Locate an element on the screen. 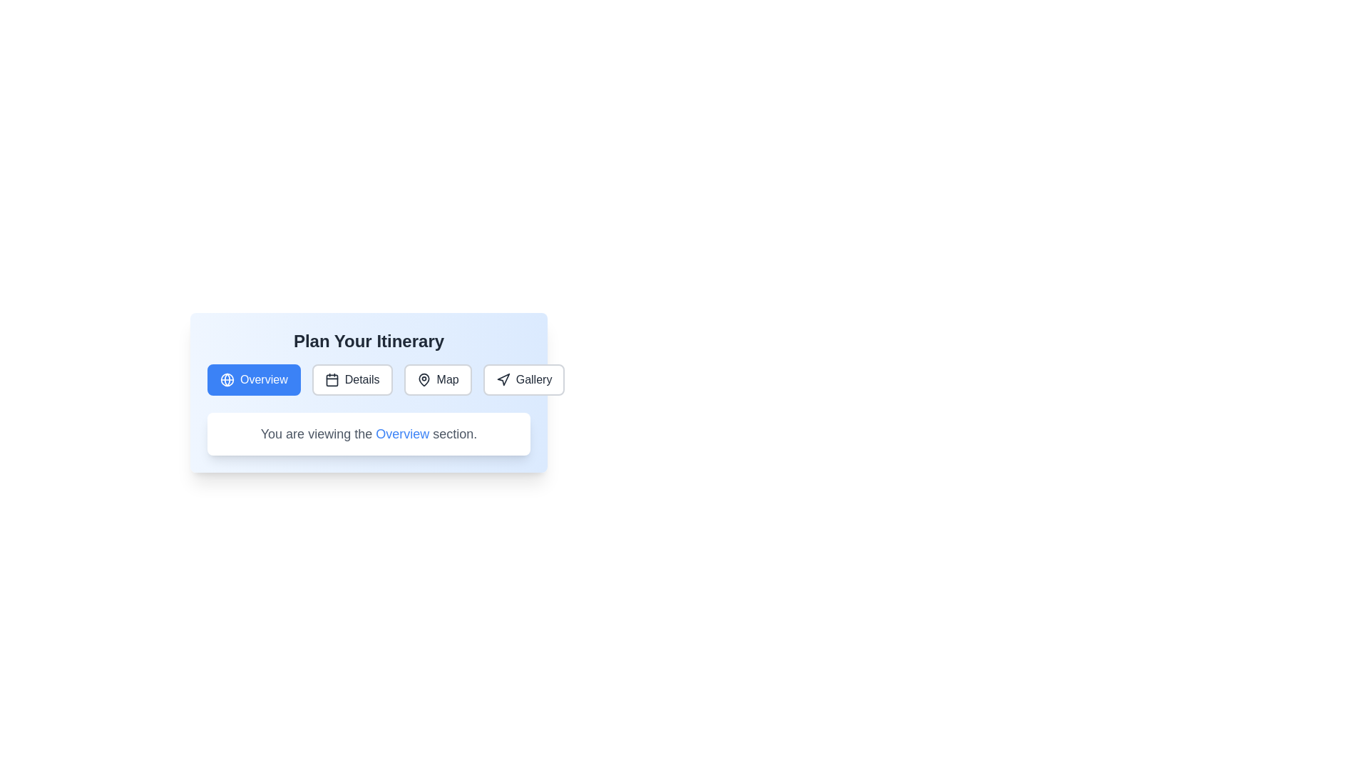 This screenshot has width=1369, height=770. the 'Map' button, which is the third button in a horizontal group of four buttons is located at coordinates (437, 379).